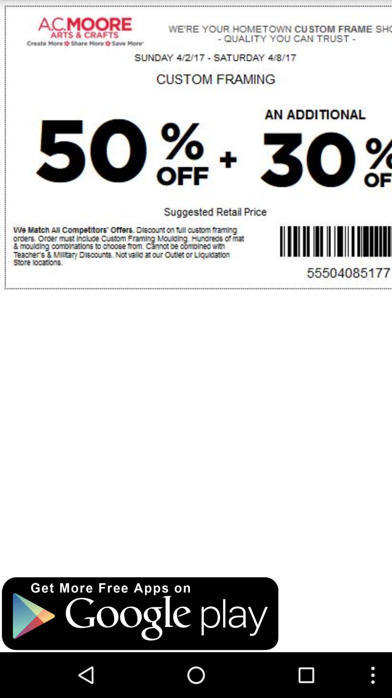 The width and height of the screenshot is (392, 698). I want to click on acmoore, so click(196, 284).